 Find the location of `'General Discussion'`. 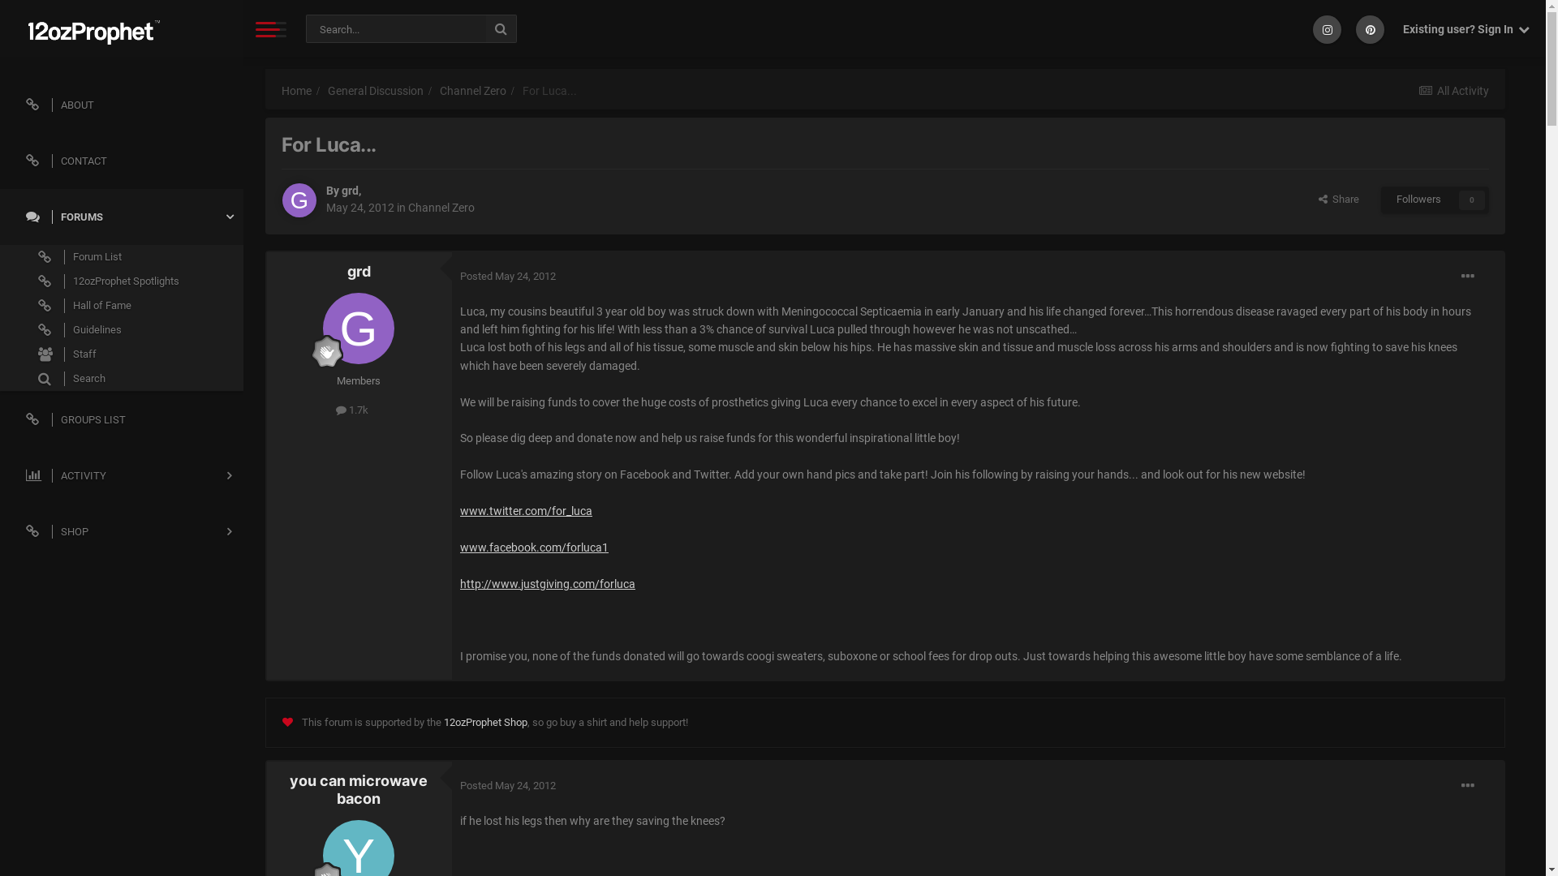

'General Discussion' is located at coordinates (381, 90).